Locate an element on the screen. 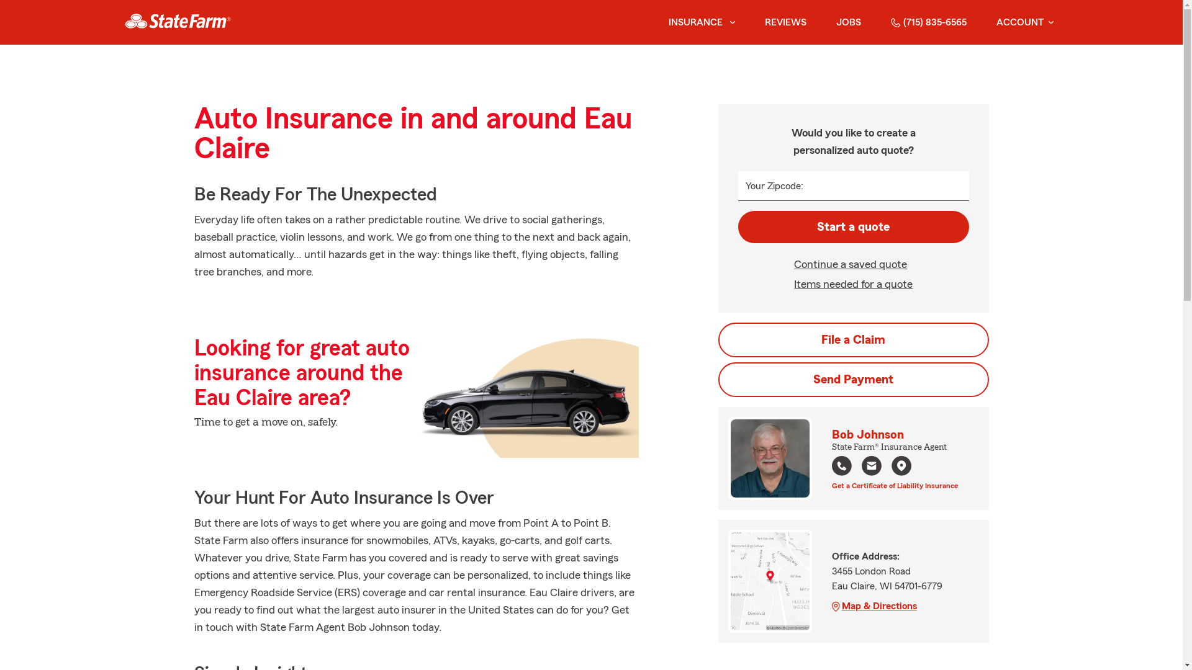 The height and width of the screenshot is (670, 1192). '(715) 835-6565' is located at coordinates (928, 22).